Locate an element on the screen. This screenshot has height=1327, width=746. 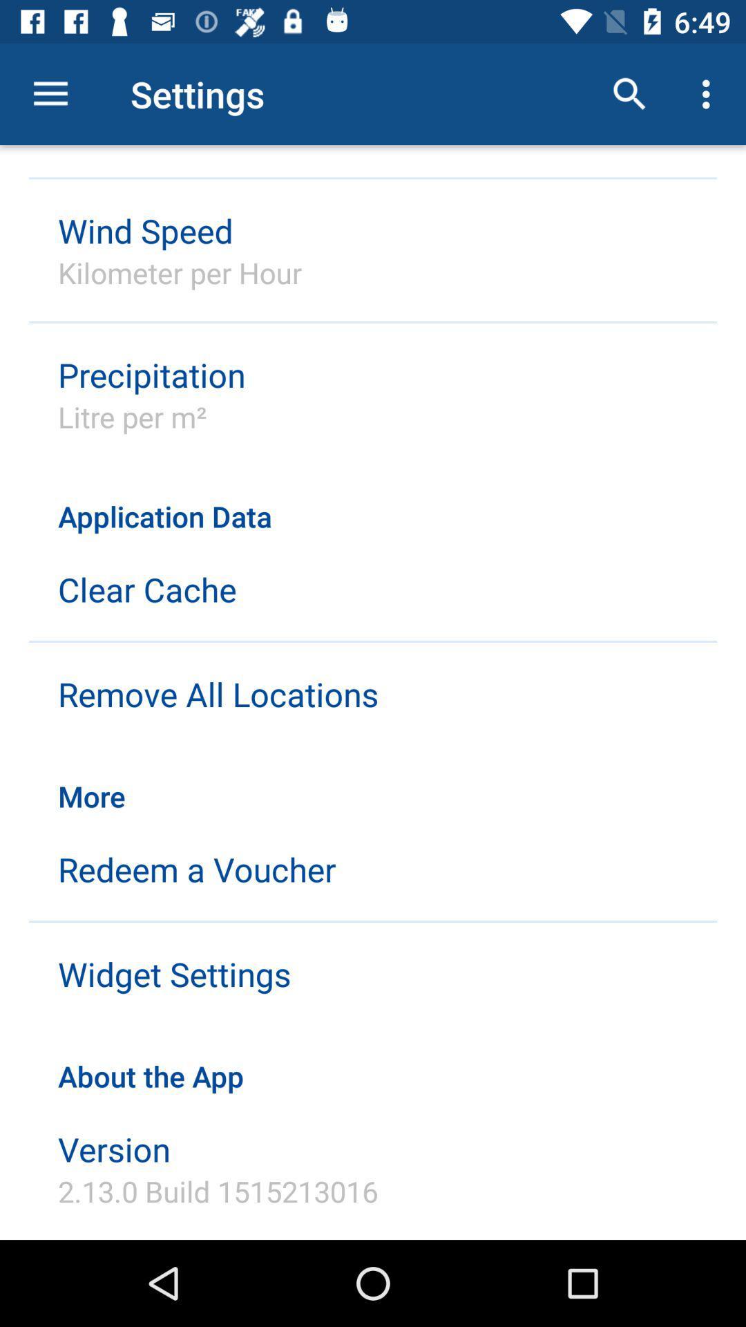
icon below the version icon is located at coordinates (218, 1190).